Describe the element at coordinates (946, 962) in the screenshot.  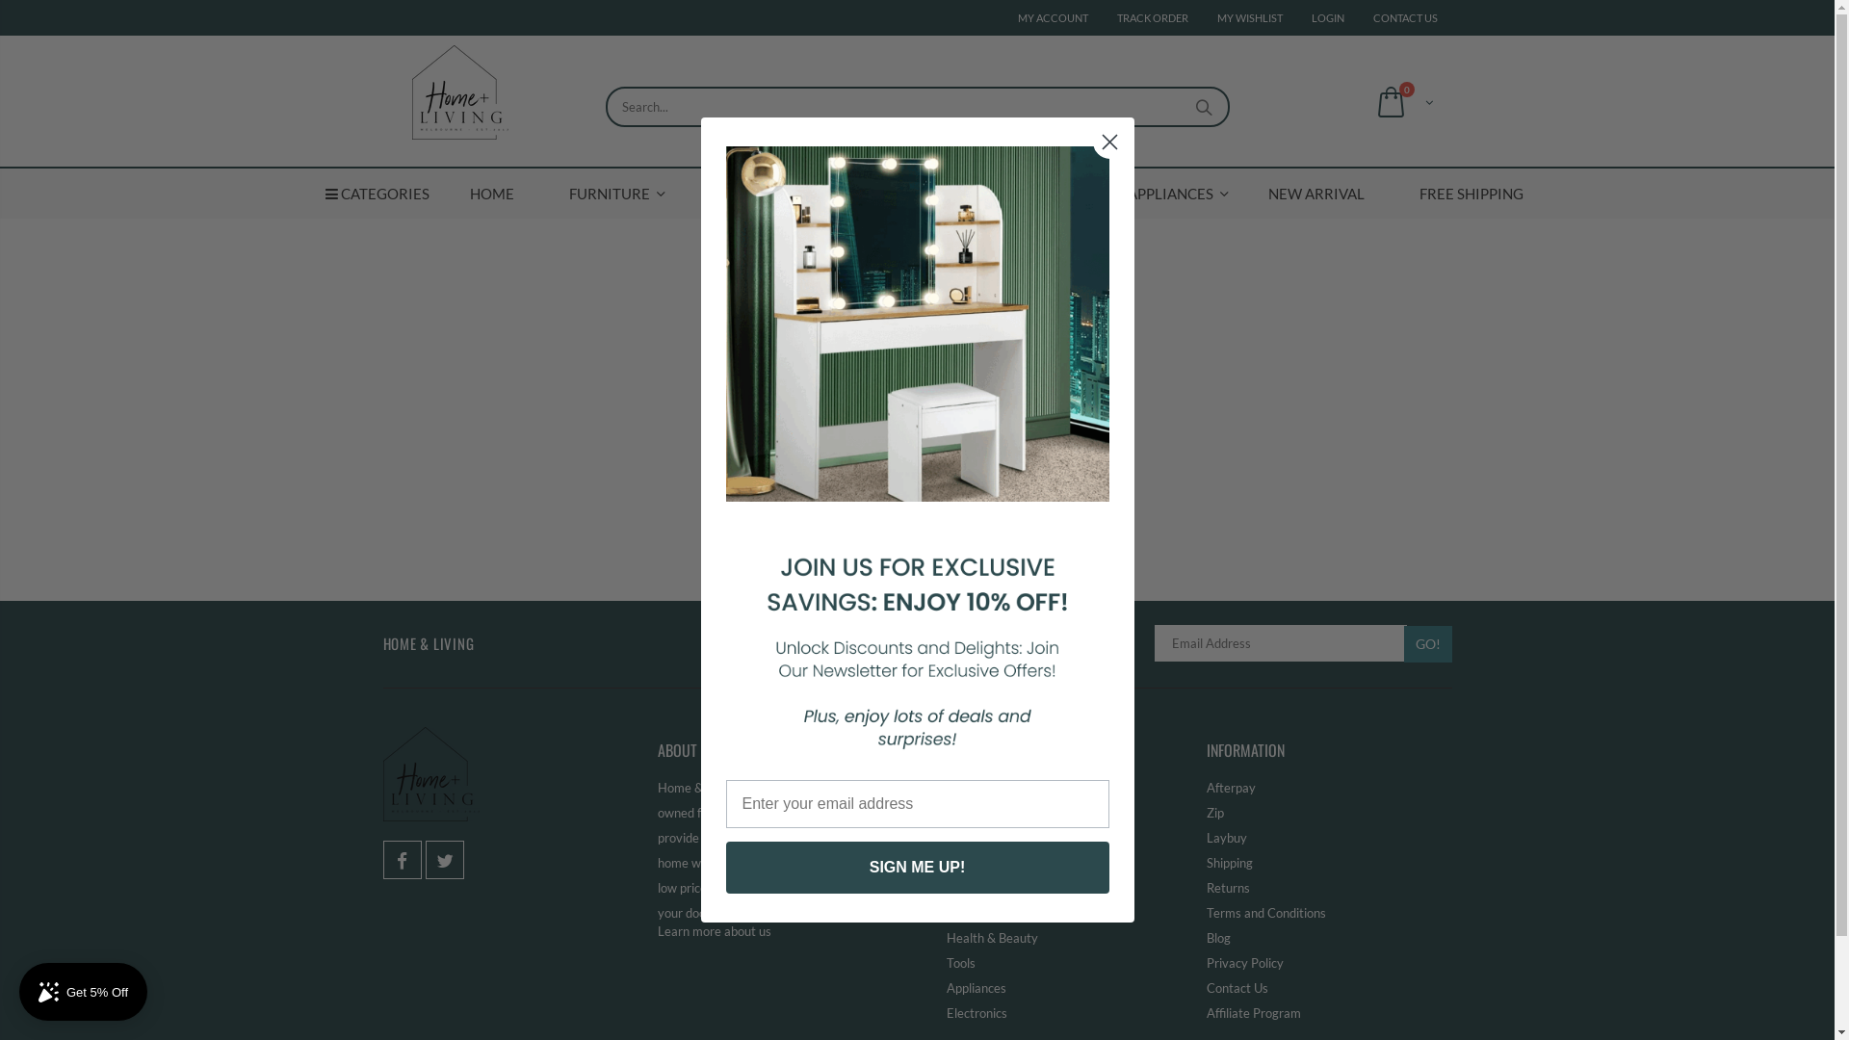
I see `'Tools'` at that location.